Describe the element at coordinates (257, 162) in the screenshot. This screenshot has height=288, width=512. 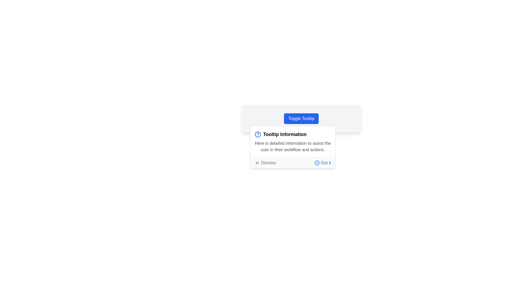
I see `the 'X' shaped close icon located at the top-left corner of the tooltip box` at that location.